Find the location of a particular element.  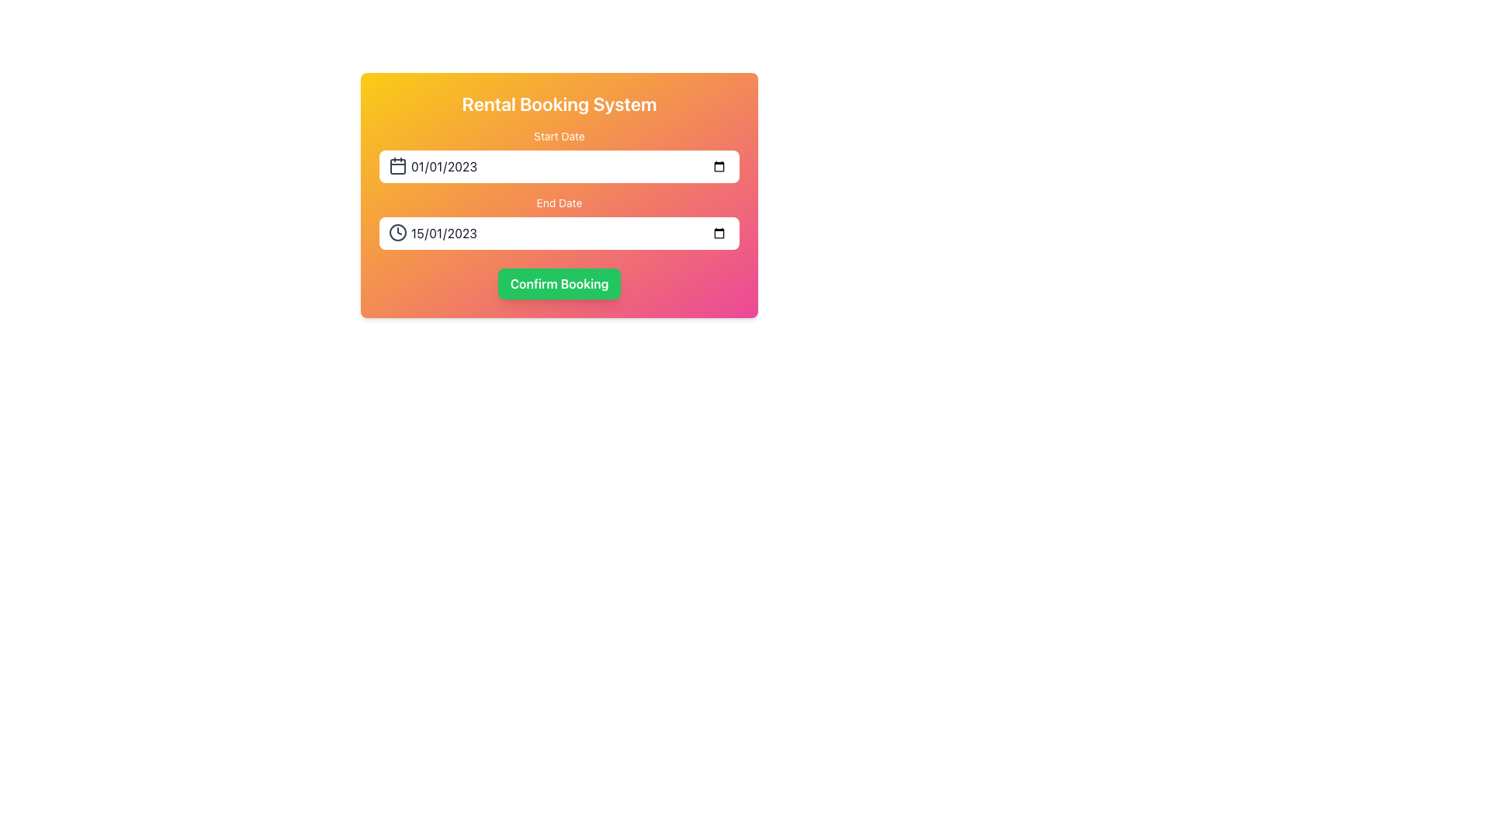

the green rectangular button labeled 'Confirm Booking' is located at coordinates (559, 284).